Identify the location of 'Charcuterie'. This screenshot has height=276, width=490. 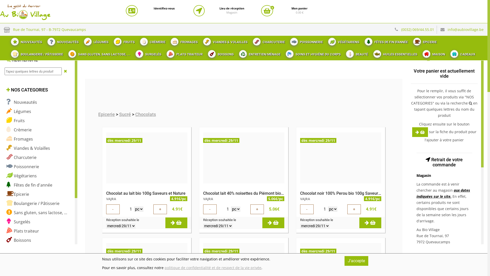
(21, 157).